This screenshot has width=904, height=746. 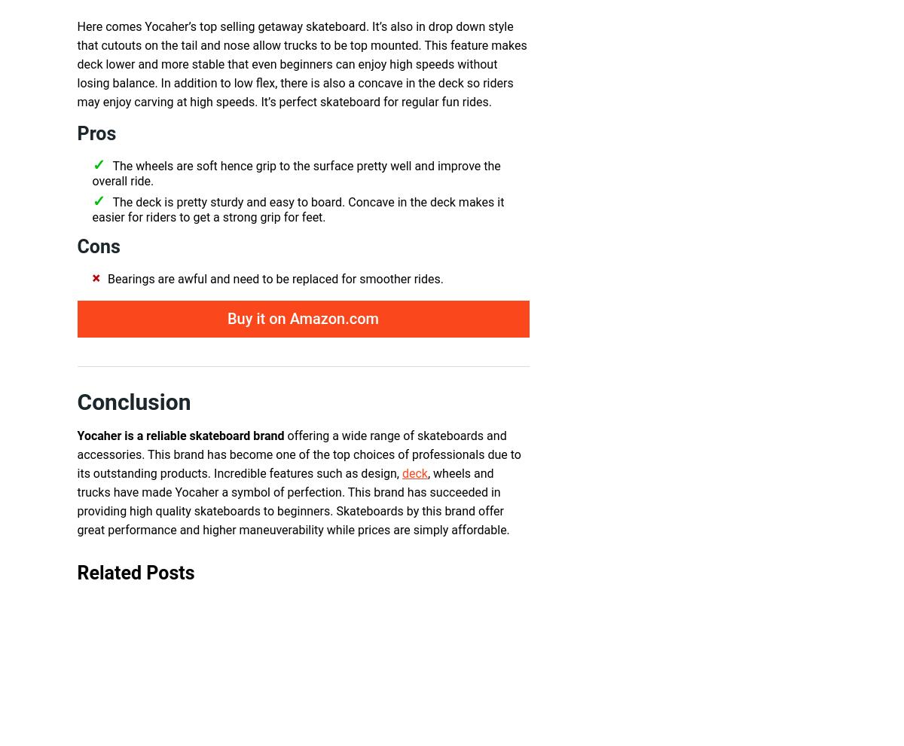 I want to click on 'deck', so click(x=413, y=472).